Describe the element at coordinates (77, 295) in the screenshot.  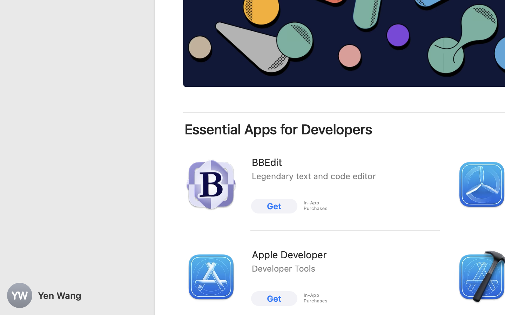
I see `'Yen Wang'` at that location.